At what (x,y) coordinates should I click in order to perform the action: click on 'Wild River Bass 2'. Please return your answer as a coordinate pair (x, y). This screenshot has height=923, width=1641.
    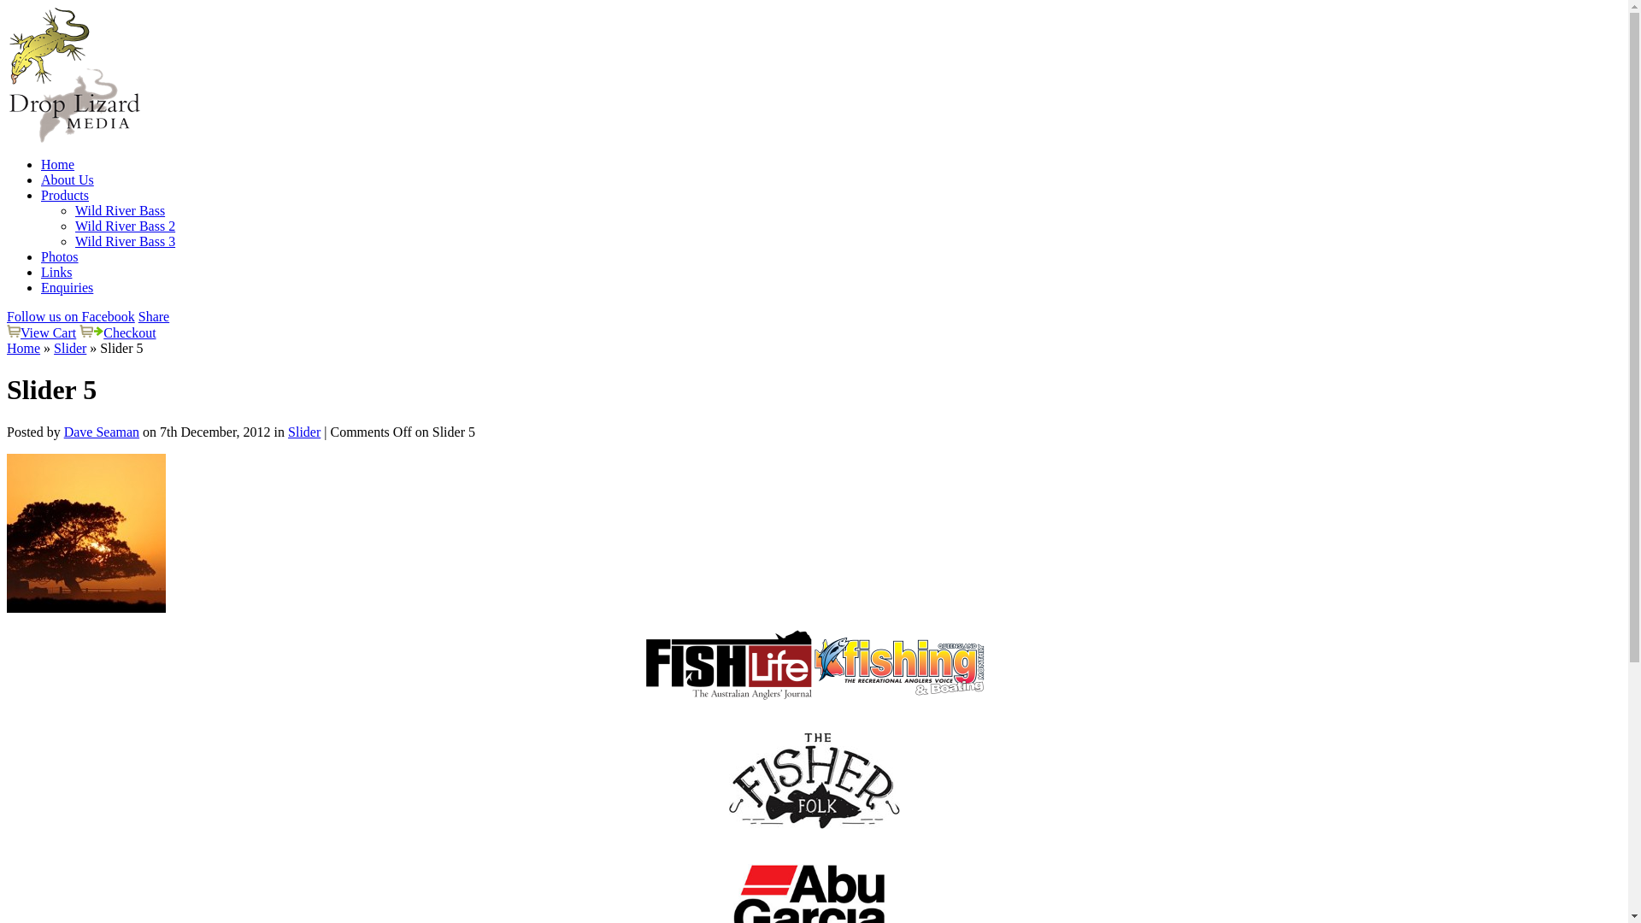
    Looking at the image, I should click on (74, 225).